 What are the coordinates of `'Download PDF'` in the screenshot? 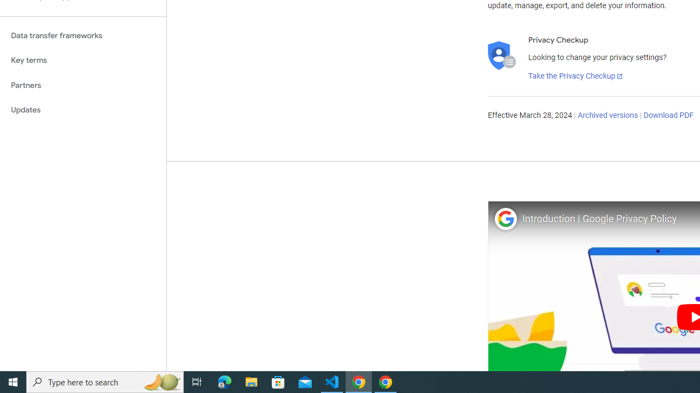 It's located at (668, 116).